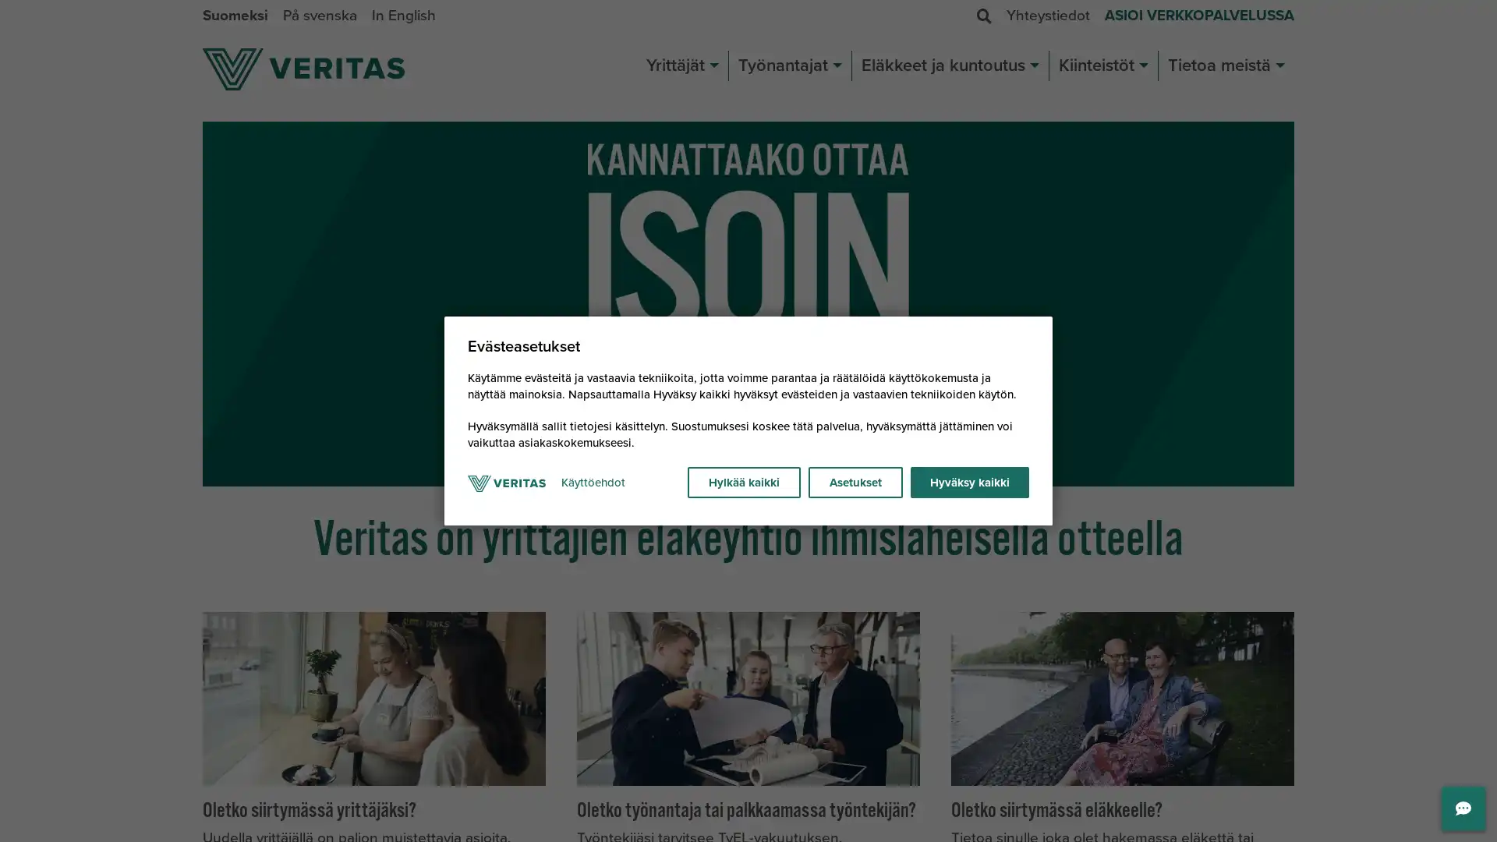 This screenshot has height=842, width=1497. I want to click on Hyvaksy kaikki, so click(968, 481).